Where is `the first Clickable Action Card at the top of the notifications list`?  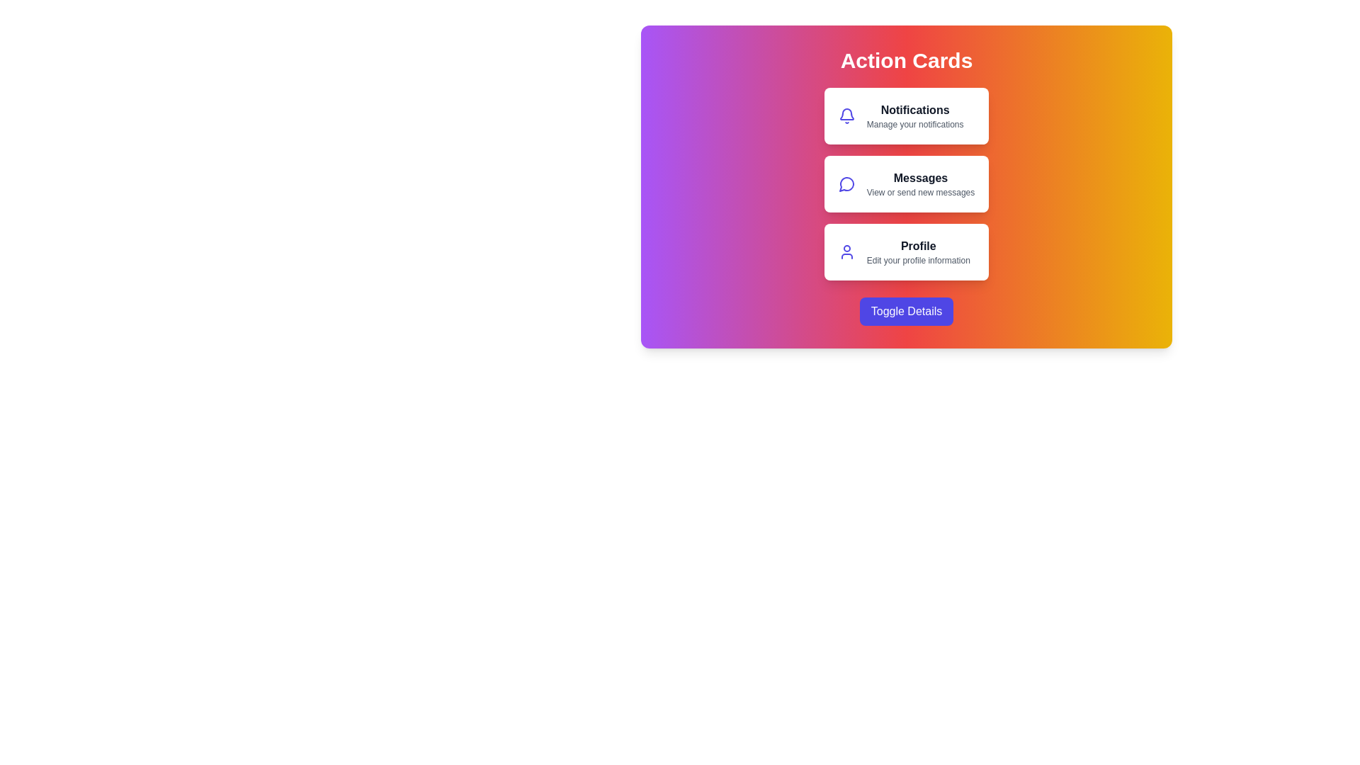
the first Clickable Action Card at the top of the notifications list is located at coordinates (907, 115).